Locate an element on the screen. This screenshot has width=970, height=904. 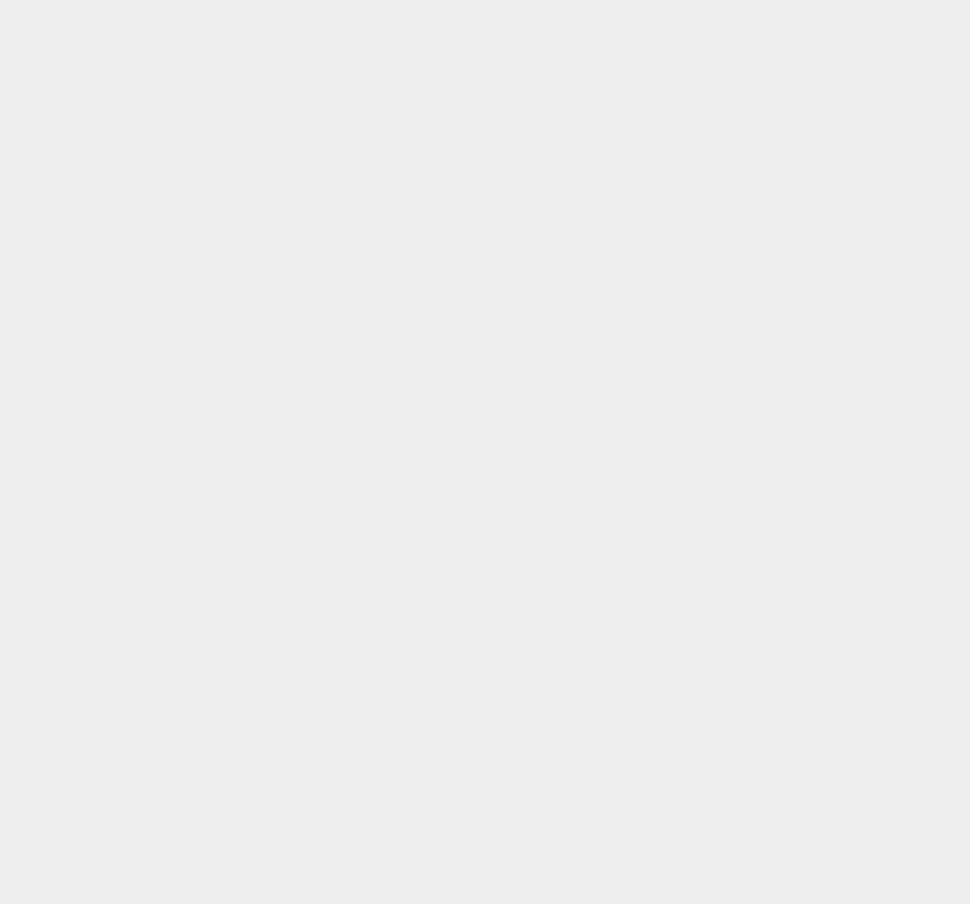
'SlideShare' is located at coordinates (712, 19).